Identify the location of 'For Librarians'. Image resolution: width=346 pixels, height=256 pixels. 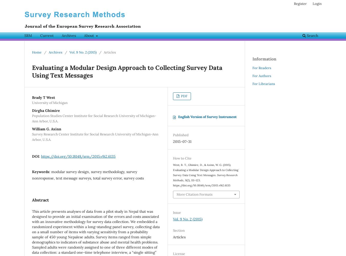
(263, 83).